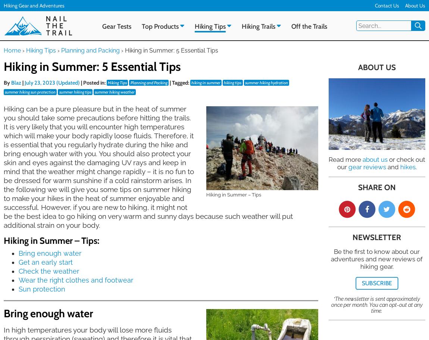  I want to click on 'Hiking can be a pure pleasure but in the heat of summer you should take some precautions before hitting the trails. It is very likely that you will encounter high temperatures which will make your body rapidly loose fluids. Therefore, it is essential that you regularly hydrate during the hike and bring enough water with you. You should also protect your skin and eyes against the damaging UV rays and keep in mind that the weather might change rapidly – it is no fun to be dressed for warm sunshine if a cold rainstorm arises. In the following we will give you some tips on summer hiking to make your hikes in the heat of summer enjoyable and successful. However, if you are new to hiking, it might not be the best idea to go hiking on very warm and sunny days because such weather will put additional strain on your body.', so click(148, 166).